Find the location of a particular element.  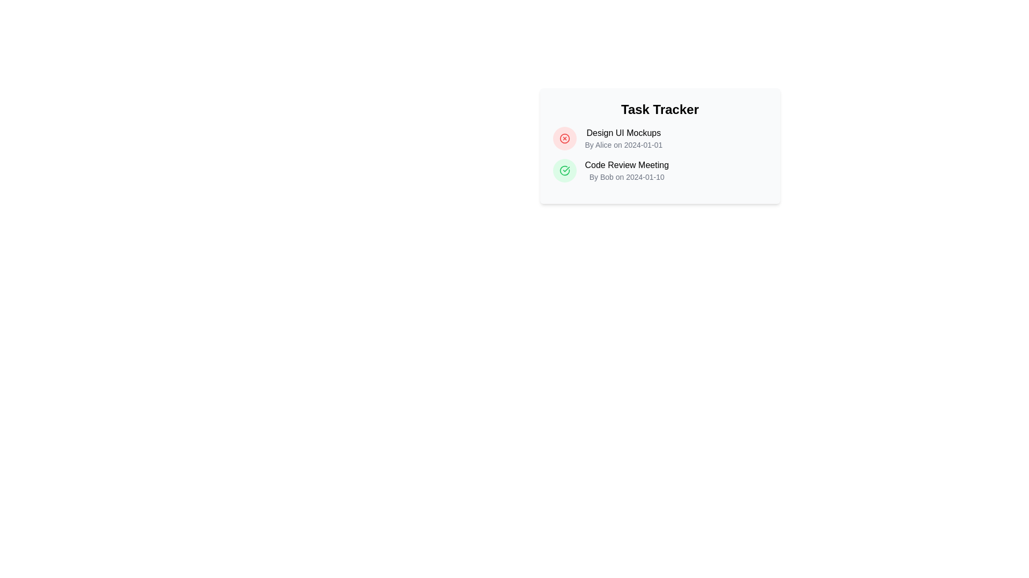

the circular icon with a light green background and a green checkmark symbol, indicating approval, located to the left of the text 'Code Review Meeting By Bob on 2024-01-10' is located at coordinates (564, 170).